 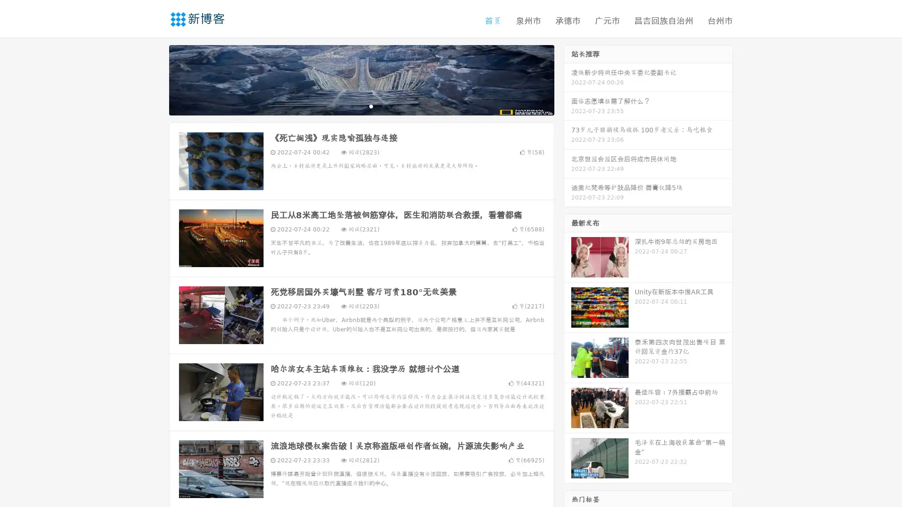 I want to click on Go to slide 1, so click(x=351, y=106).